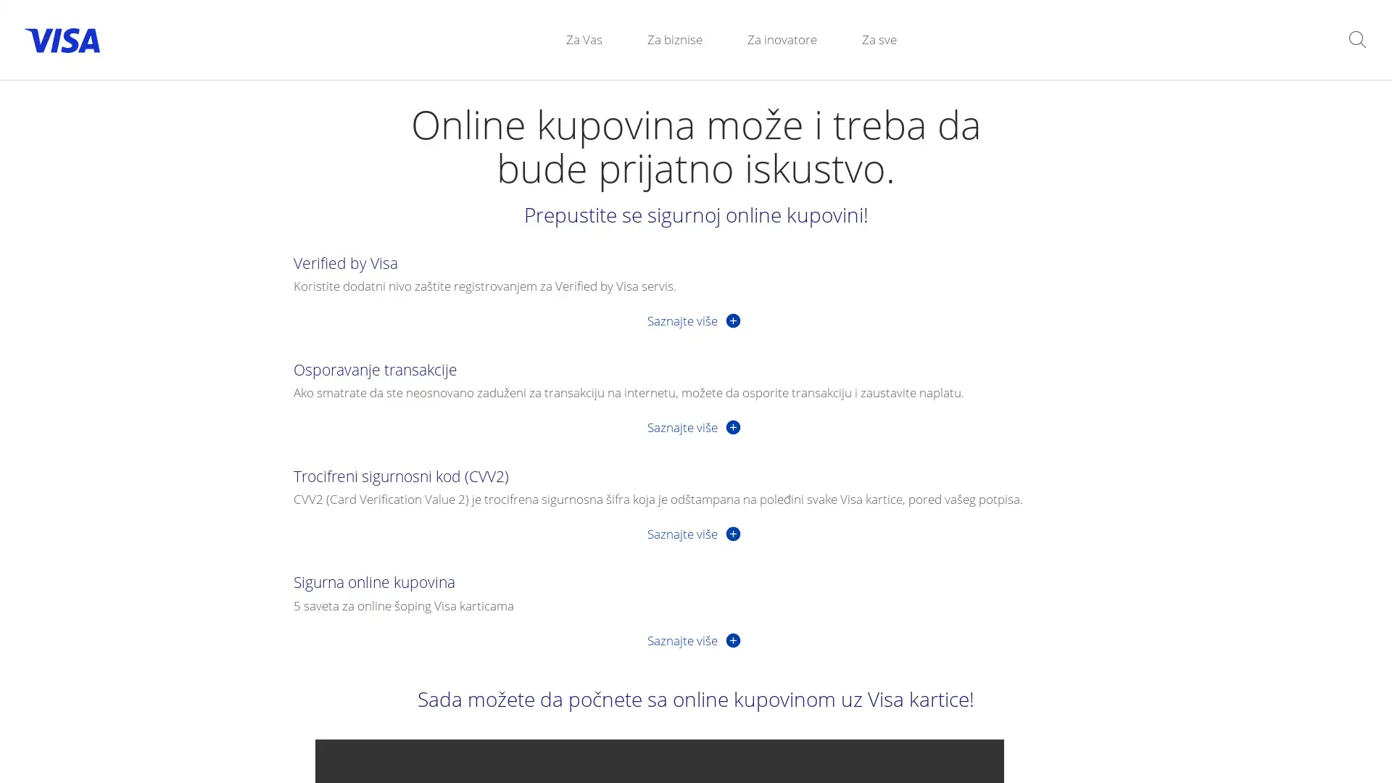 The height and width of the screenshot is (783, 1392). Describe the element at coordinates (1356, 38) in the screenshot. I see `Pretrazite visa.com` at that location.